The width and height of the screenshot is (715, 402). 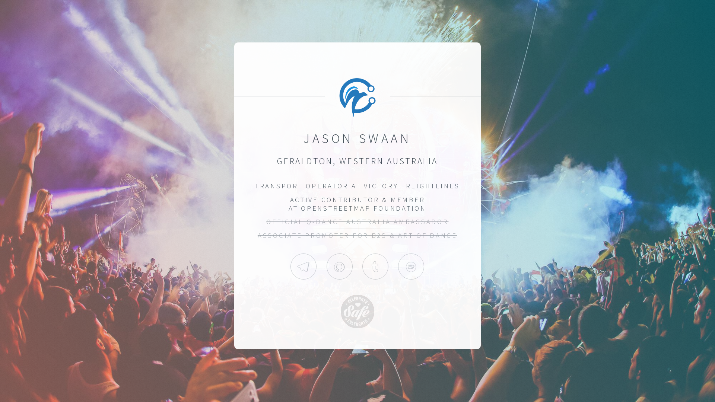 I want to click on 'GITHUB', so click(x=339, y=266).